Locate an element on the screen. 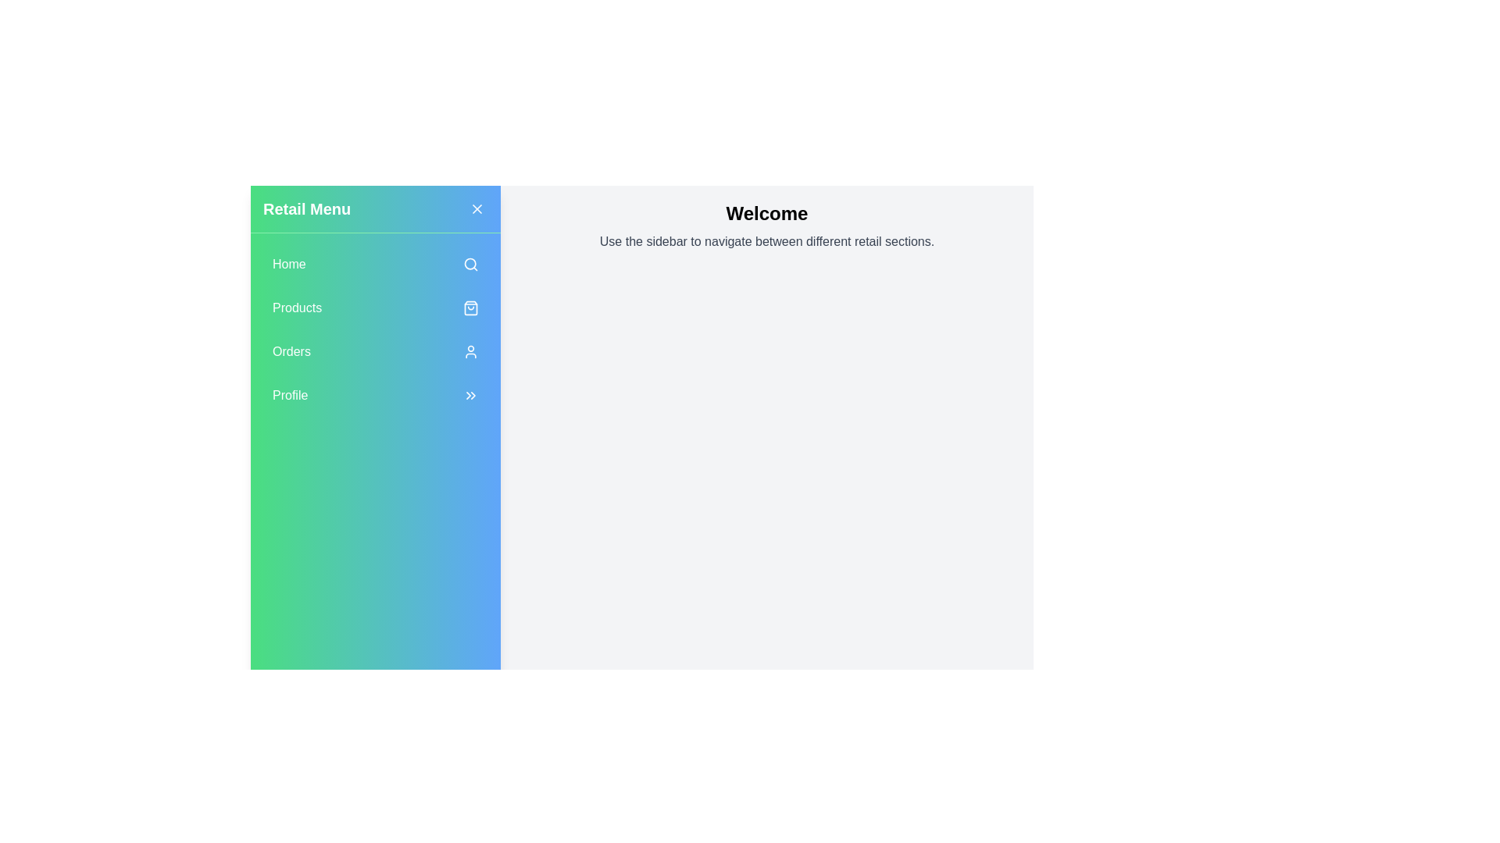 This screenshot has width=1500, height=843. the 'Orders' button in the menu is located at coordinates (375, 329).